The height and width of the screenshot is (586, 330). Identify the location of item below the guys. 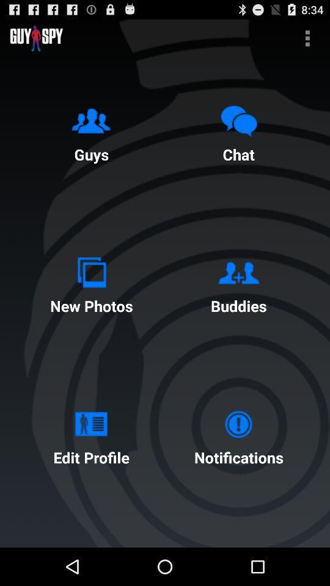
(90, 283).